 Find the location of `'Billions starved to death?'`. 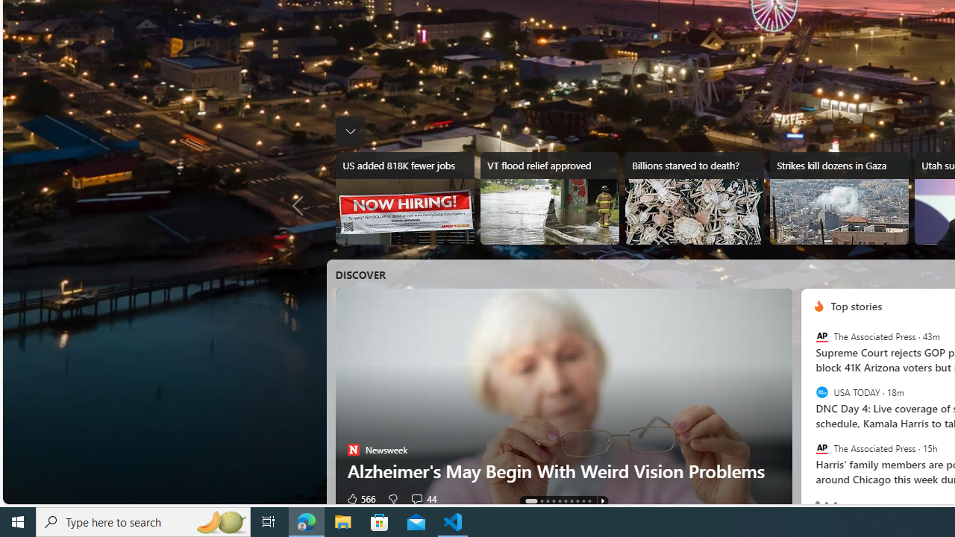

'Billions starved to death?' is located at coordinates (693, 198).